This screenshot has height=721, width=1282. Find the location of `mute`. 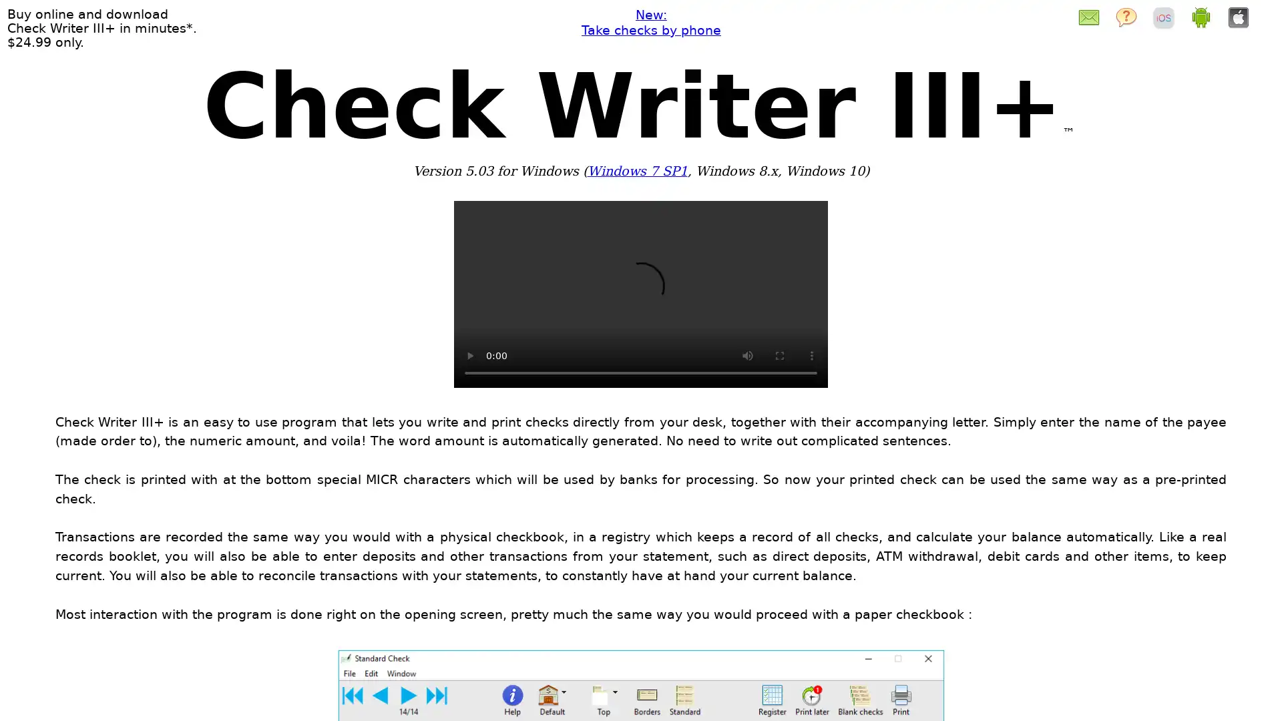

mute is located at coordinates (746, 354).